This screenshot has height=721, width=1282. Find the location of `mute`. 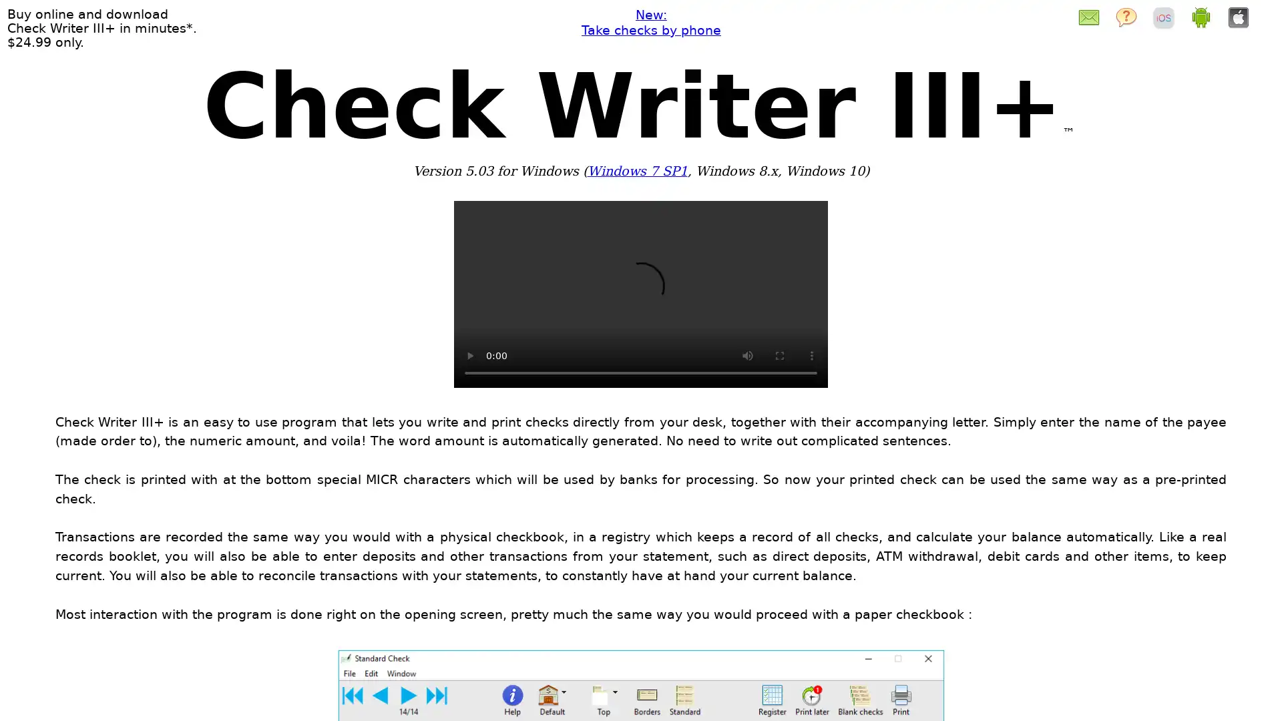

mute is located at coordinates (746, 354).